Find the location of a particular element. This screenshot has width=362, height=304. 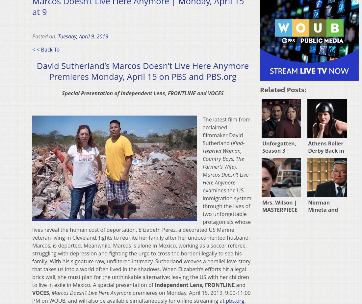

'Unforgotten, Season 3 | MASTERPIECE | Begins Sunday, April 7' is located at coordinates (281, 157).